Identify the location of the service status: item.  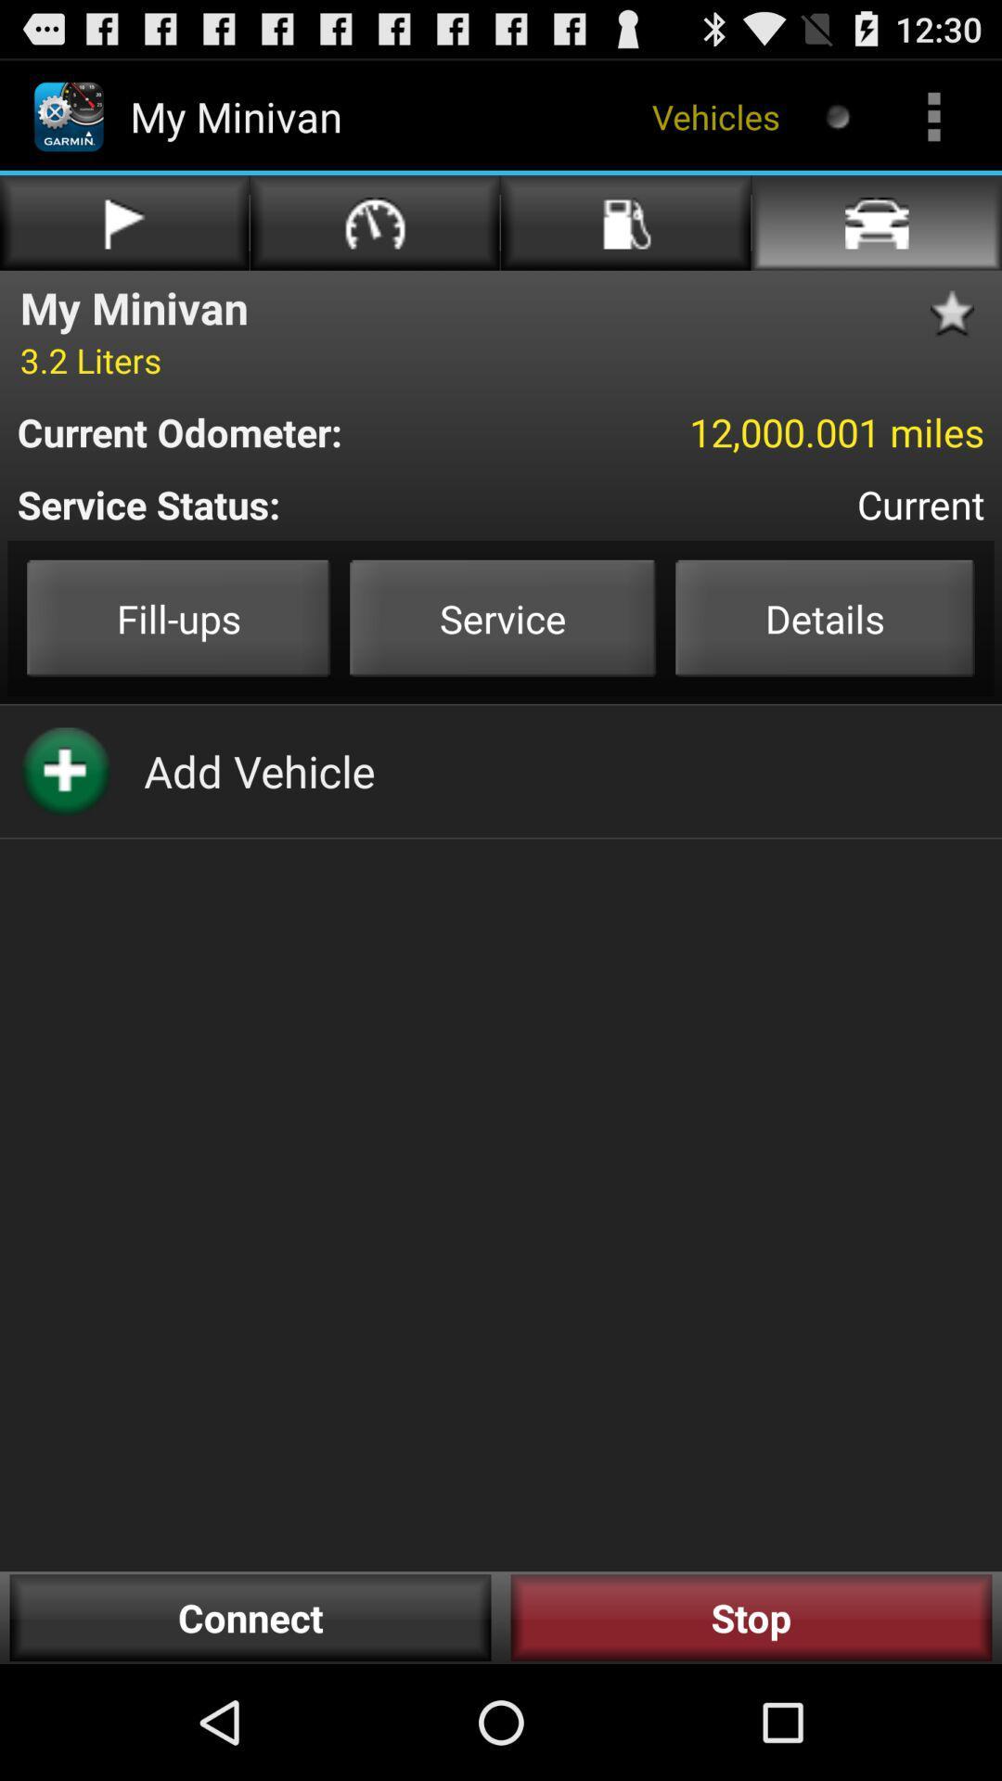
(292, 504).